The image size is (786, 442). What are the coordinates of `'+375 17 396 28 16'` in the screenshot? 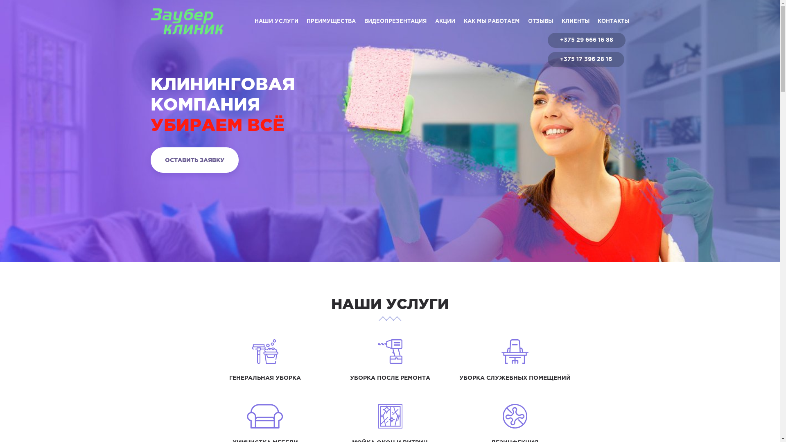 It's located at (560, 59).